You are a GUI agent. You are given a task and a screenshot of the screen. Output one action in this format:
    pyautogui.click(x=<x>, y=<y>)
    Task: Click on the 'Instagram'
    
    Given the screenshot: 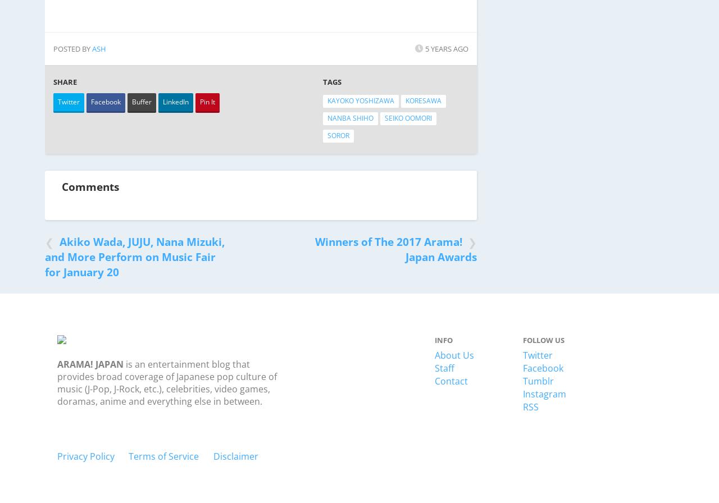 What is the action you would take?
    pyautogui.click(x=544, y=394)
    